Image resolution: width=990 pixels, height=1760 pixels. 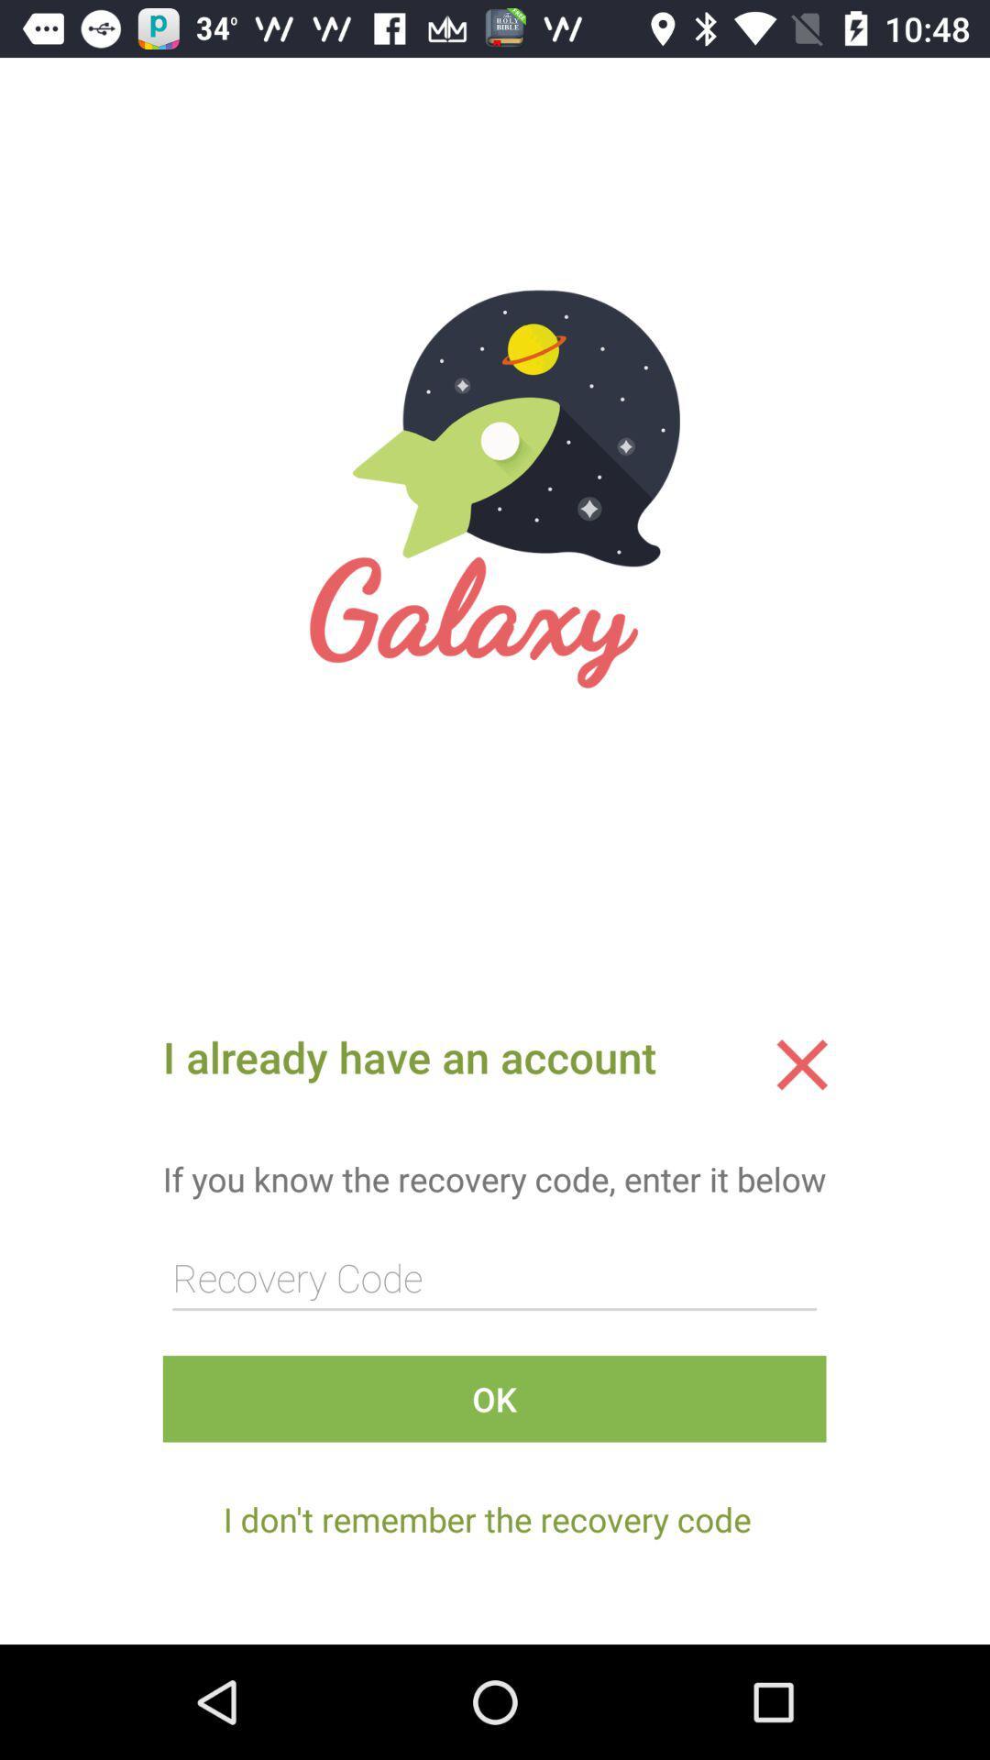 What do you see at coordinates (493, 1398) in the screenshot?
I see `the icon above i don t icon` at bounding box center [493, 1398].